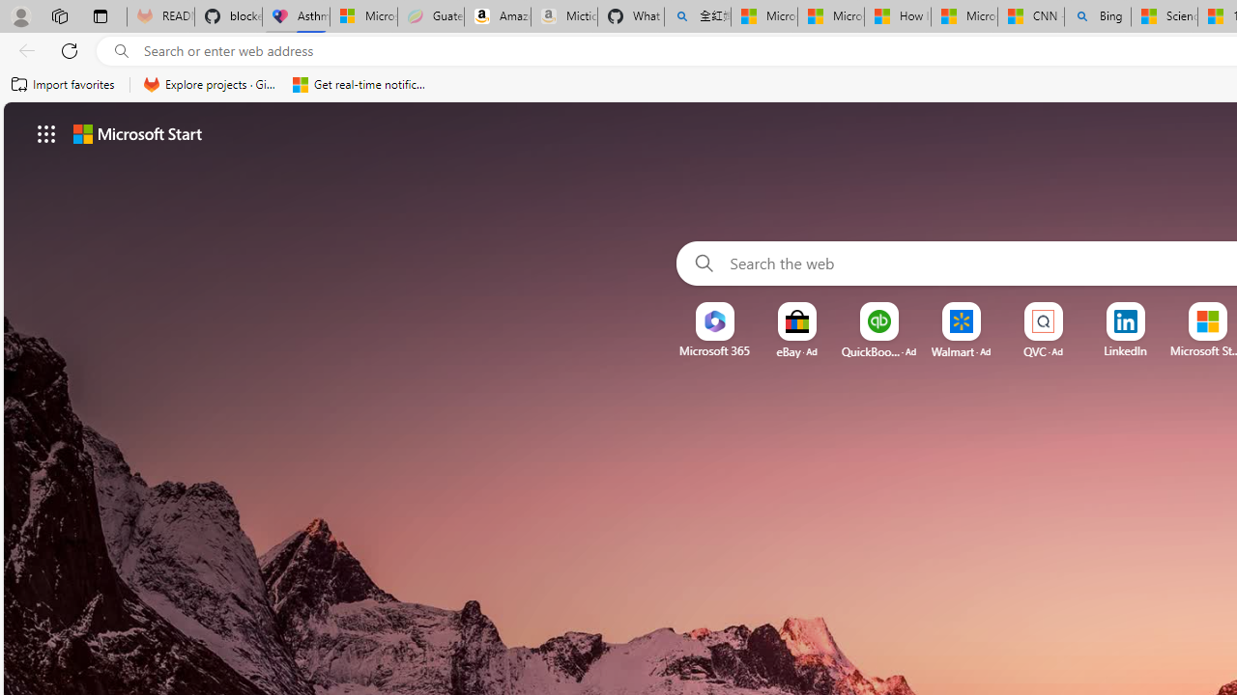 This screenshot has width=1237, height=695. I want to click on 'CNN - MSN', so click(1029, 16).